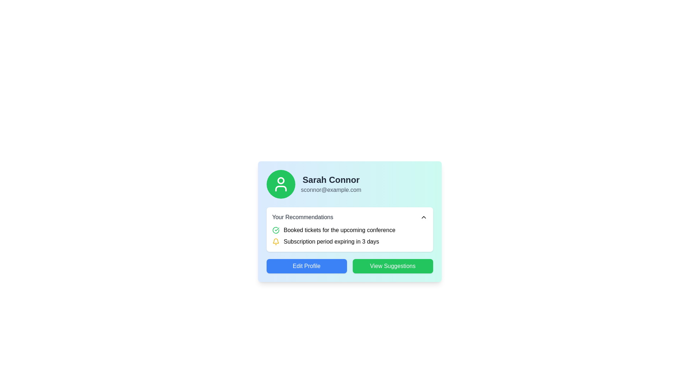 The height and width of the screenshot is (388, 689). Describe the element at coordinates (303, 217) in the screenshot. I see `the text label that reads 'Your Recommendations', which is located at the top of a section with a white background, slightly below user details and above specific recommendation items` at that location.